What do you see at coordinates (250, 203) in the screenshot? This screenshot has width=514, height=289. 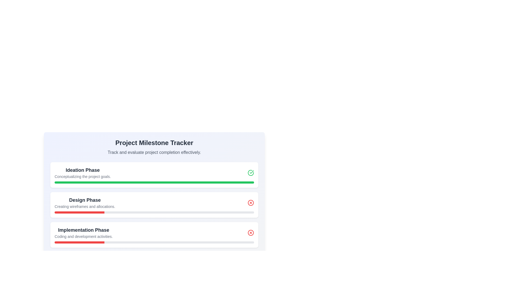 I see `the SVG circle element that indicates cancellation or error status, located in the middle of a circular icon with a cross, which is the second icon to the right of the 'Design Phase' list item in the 'Project Milestone Tracker' module` at bounding box center [250, 203].